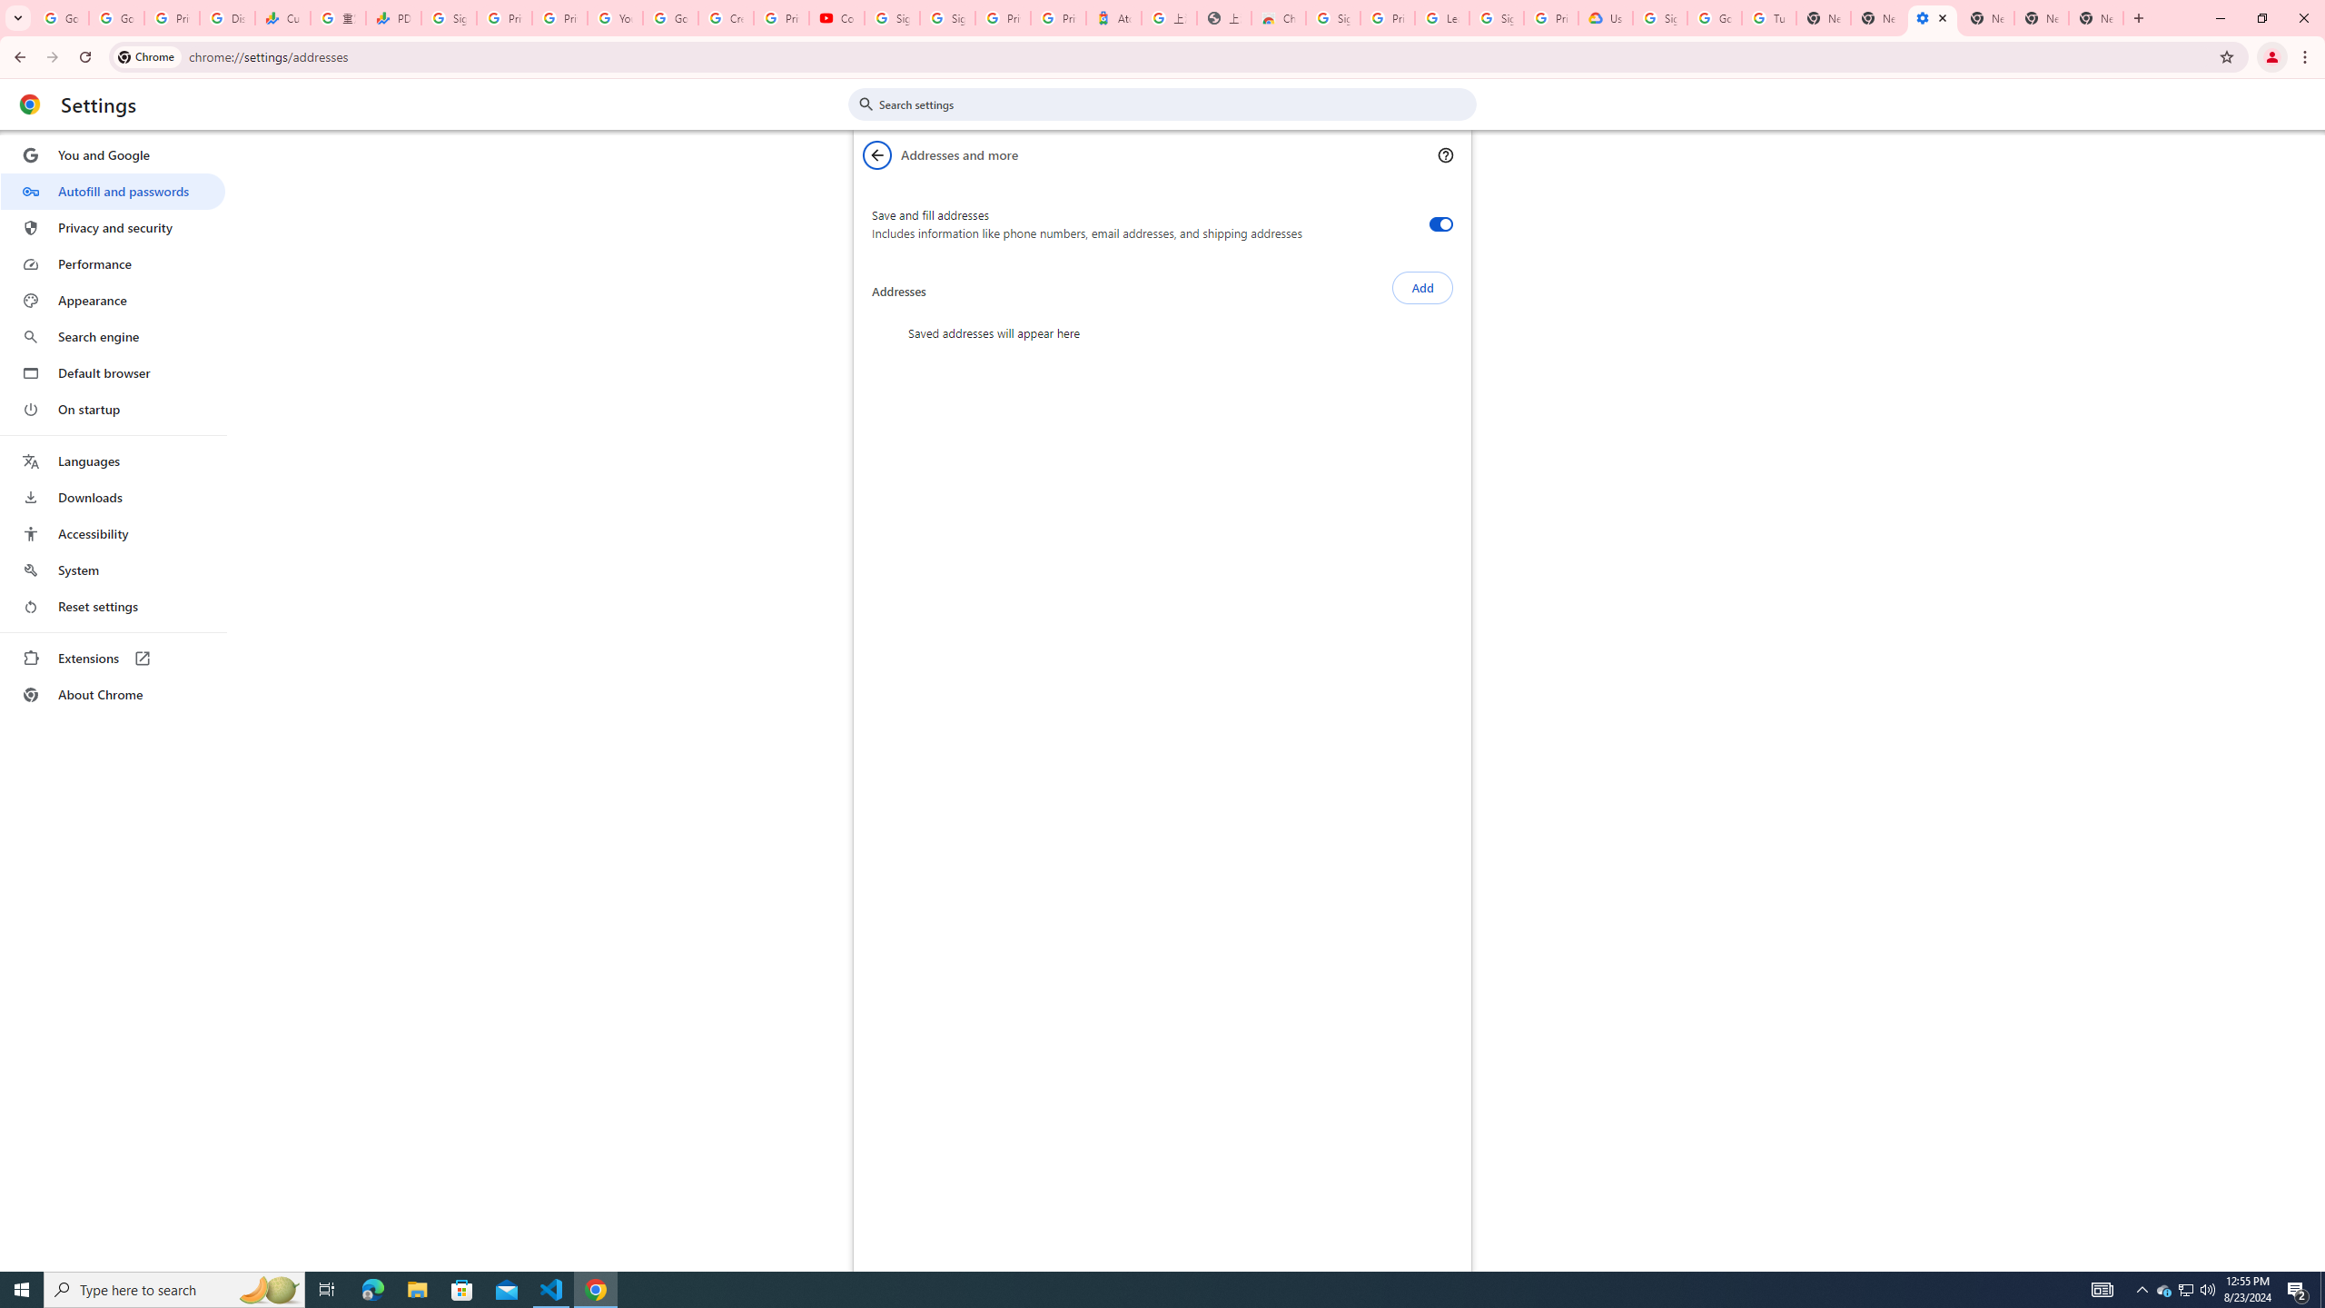  What do you see at coordinates (1932, 17) in the screenshot?
I see `'Settings - Addresses and more'` at bounding box center [1932, 17].